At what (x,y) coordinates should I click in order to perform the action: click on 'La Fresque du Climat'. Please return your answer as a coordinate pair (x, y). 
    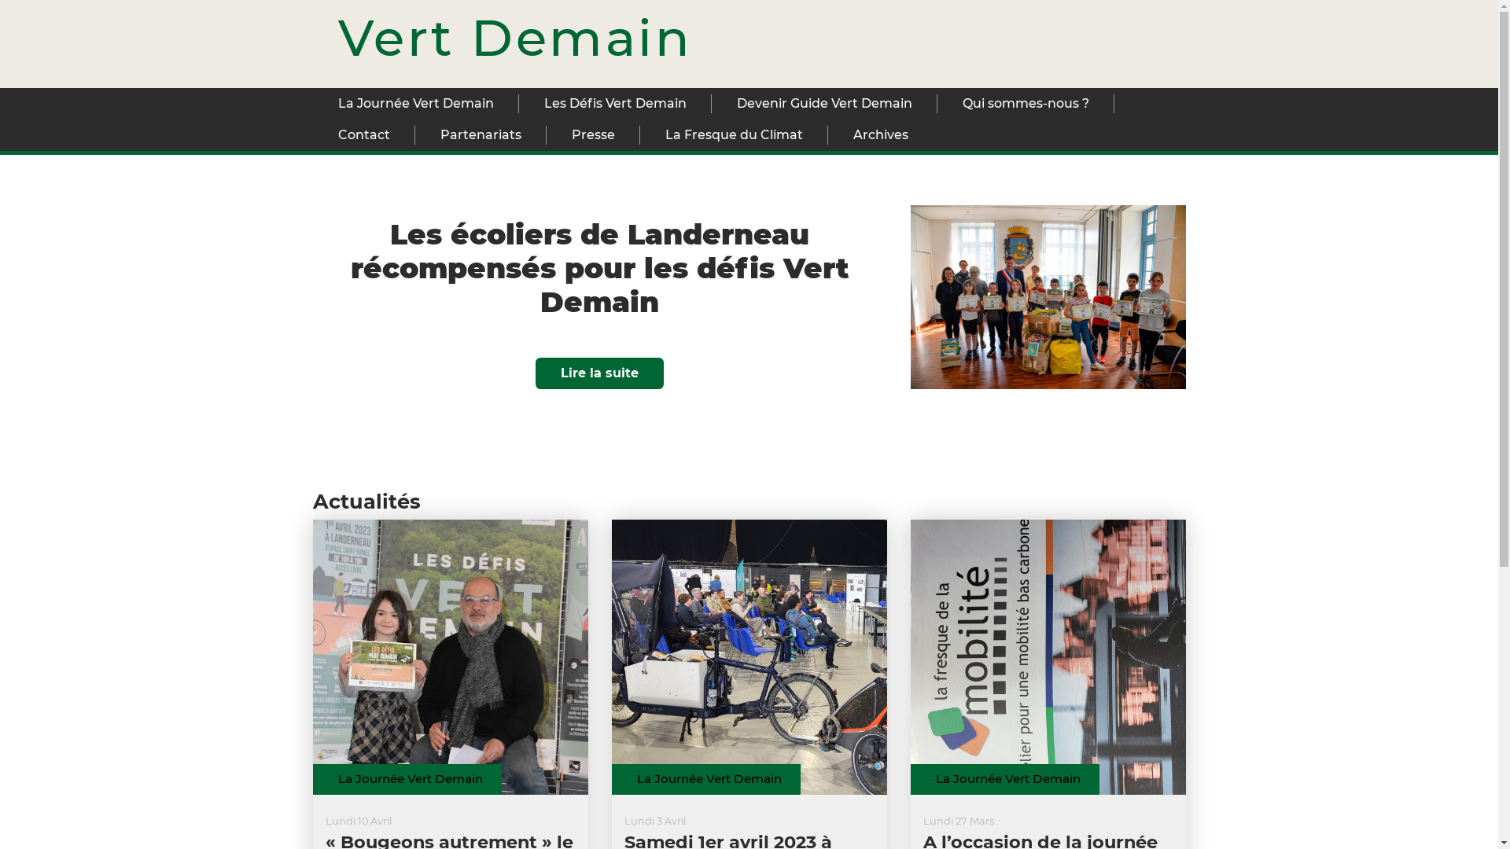
    Looking at the image, I should click on (733, 134).